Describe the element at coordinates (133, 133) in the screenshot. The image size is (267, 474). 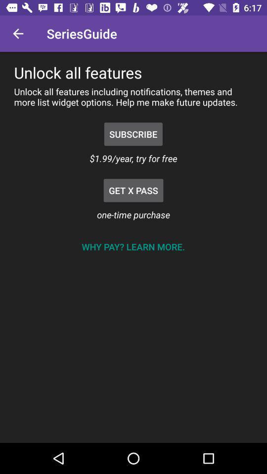
I see `subscribe icon` at that location.